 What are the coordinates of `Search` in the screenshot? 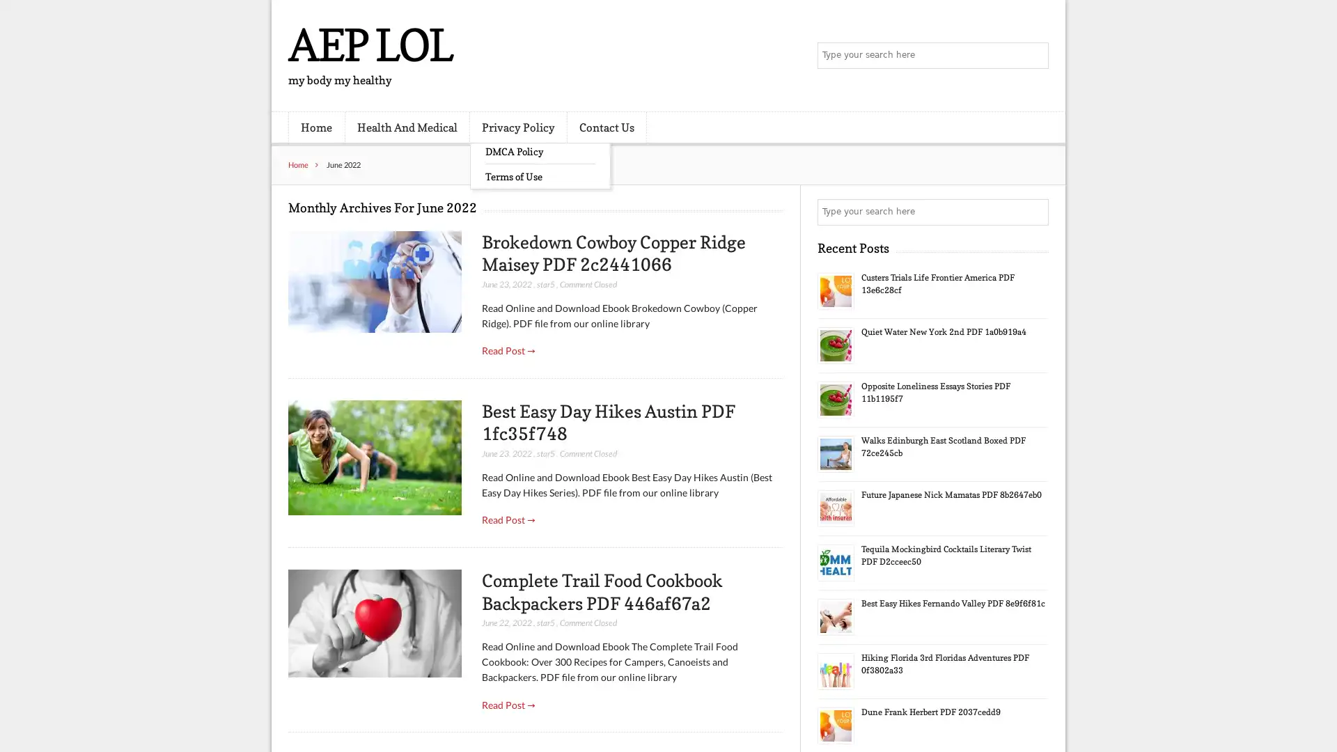 It's located at (1034, 56).